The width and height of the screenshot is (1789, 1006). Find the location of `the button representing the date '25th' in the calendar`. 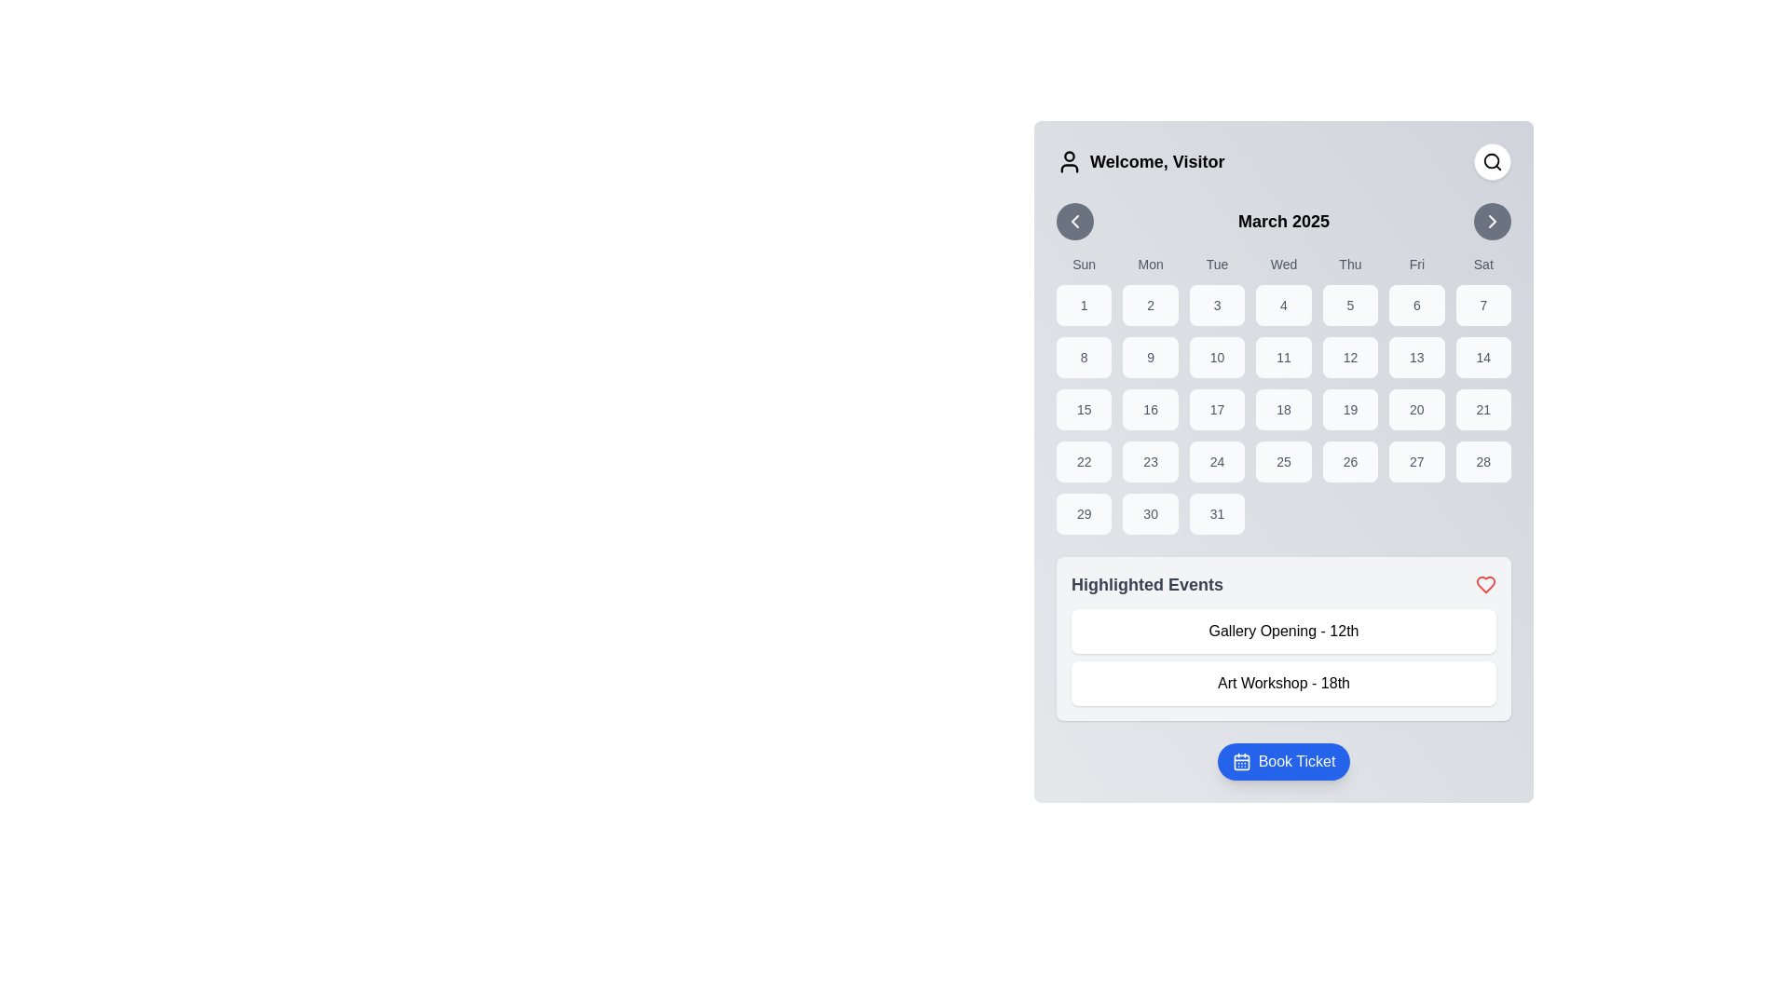

the button representing the date '25th' in the calendar is located at coordinates (1282, 461).